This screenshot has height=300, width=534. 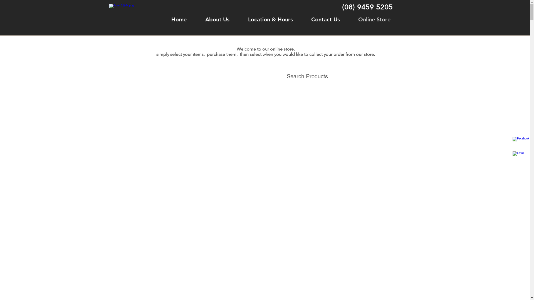 What do you see at coordinates (325, 19) in the screenshot?
I see `'Contact Us'` at bounding box center [325, 19].